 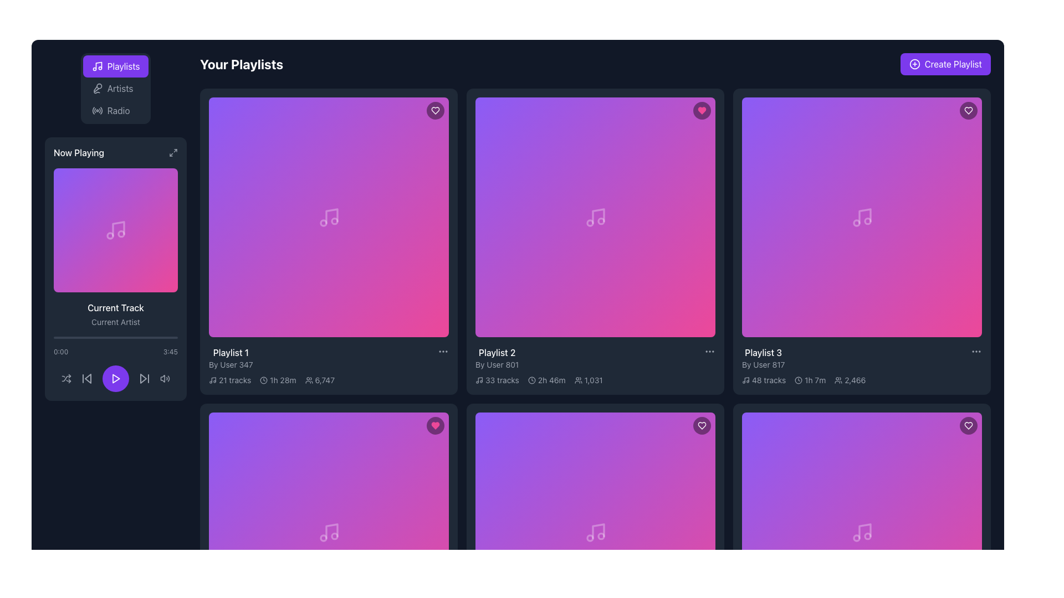 I want to click on the heart-shaped favorite icon located in the top-right corner of the 'Playlist 3' box, so click(x=702, y=425).